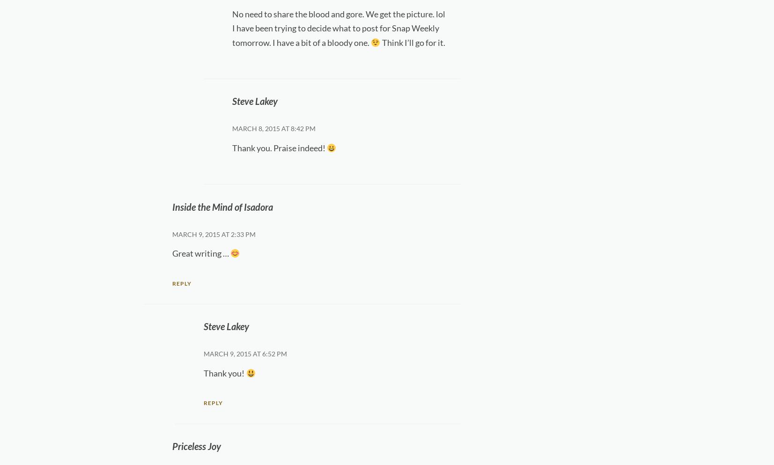  I want to click on 'No need to share the blood and gore.  We get the picture.  lol', so click(338, 13).